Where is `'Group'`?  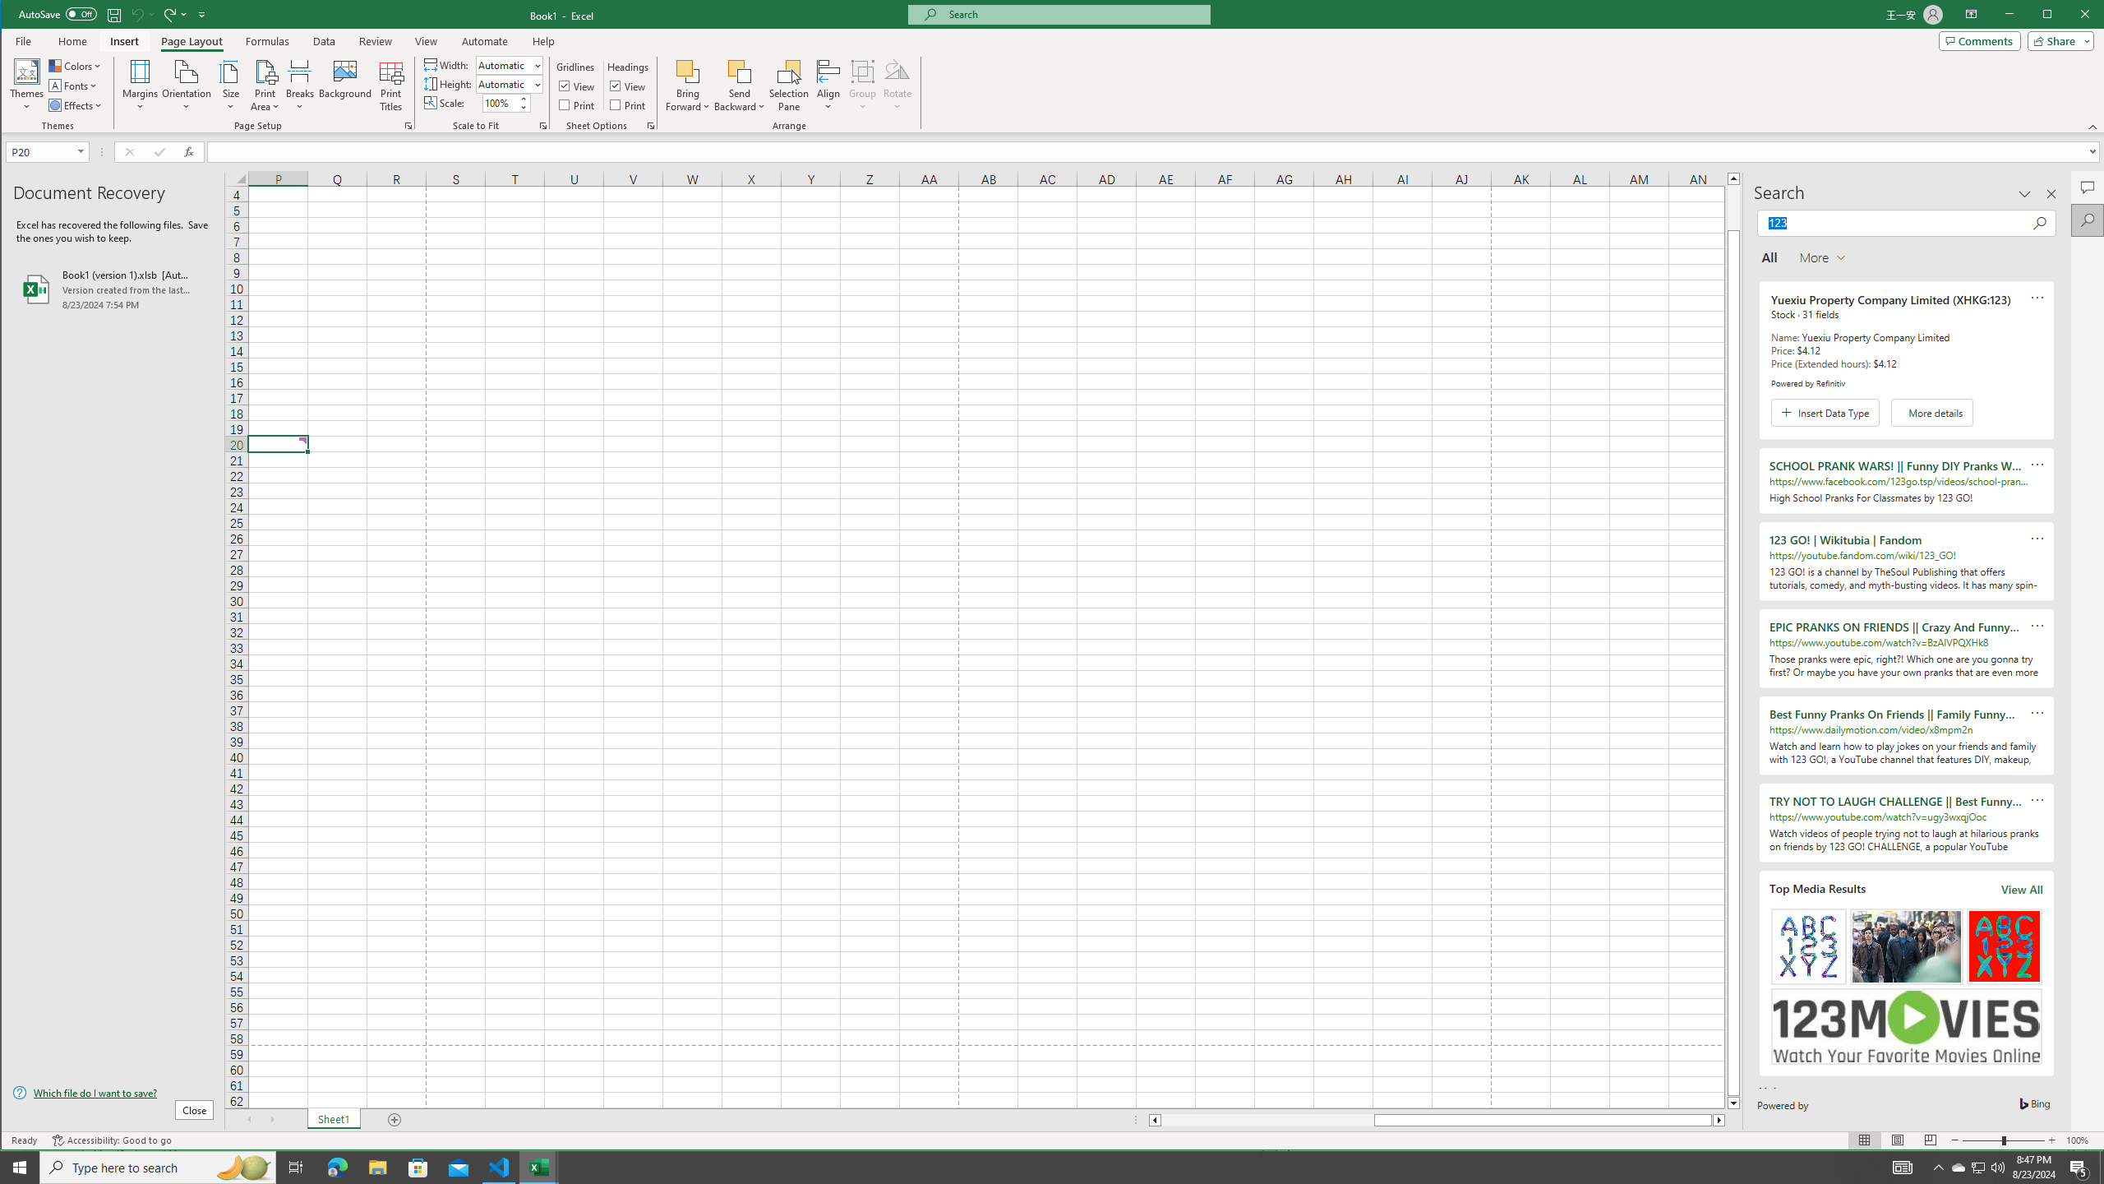
'Group' is located at coordinates (861, 85).